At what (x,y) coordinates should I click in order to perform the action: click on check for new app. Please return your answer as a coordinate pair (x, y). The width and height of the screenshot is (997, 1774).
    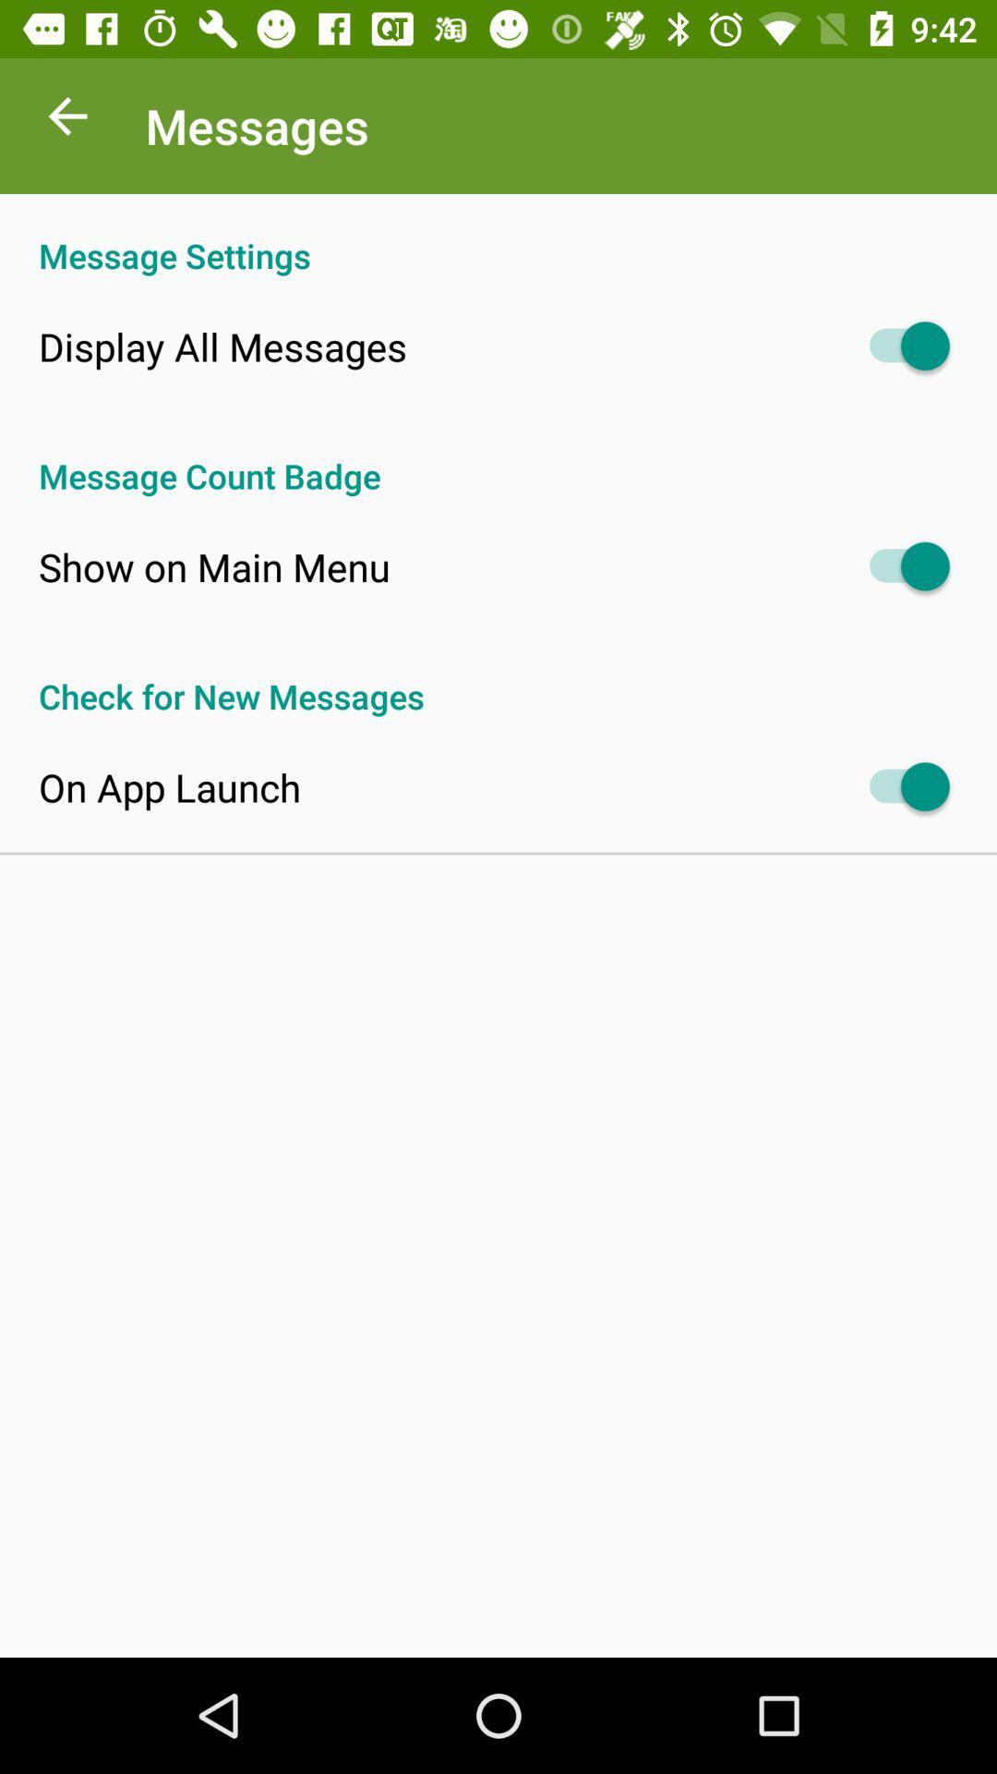
    Looking at the image, I should click on (498, 675).